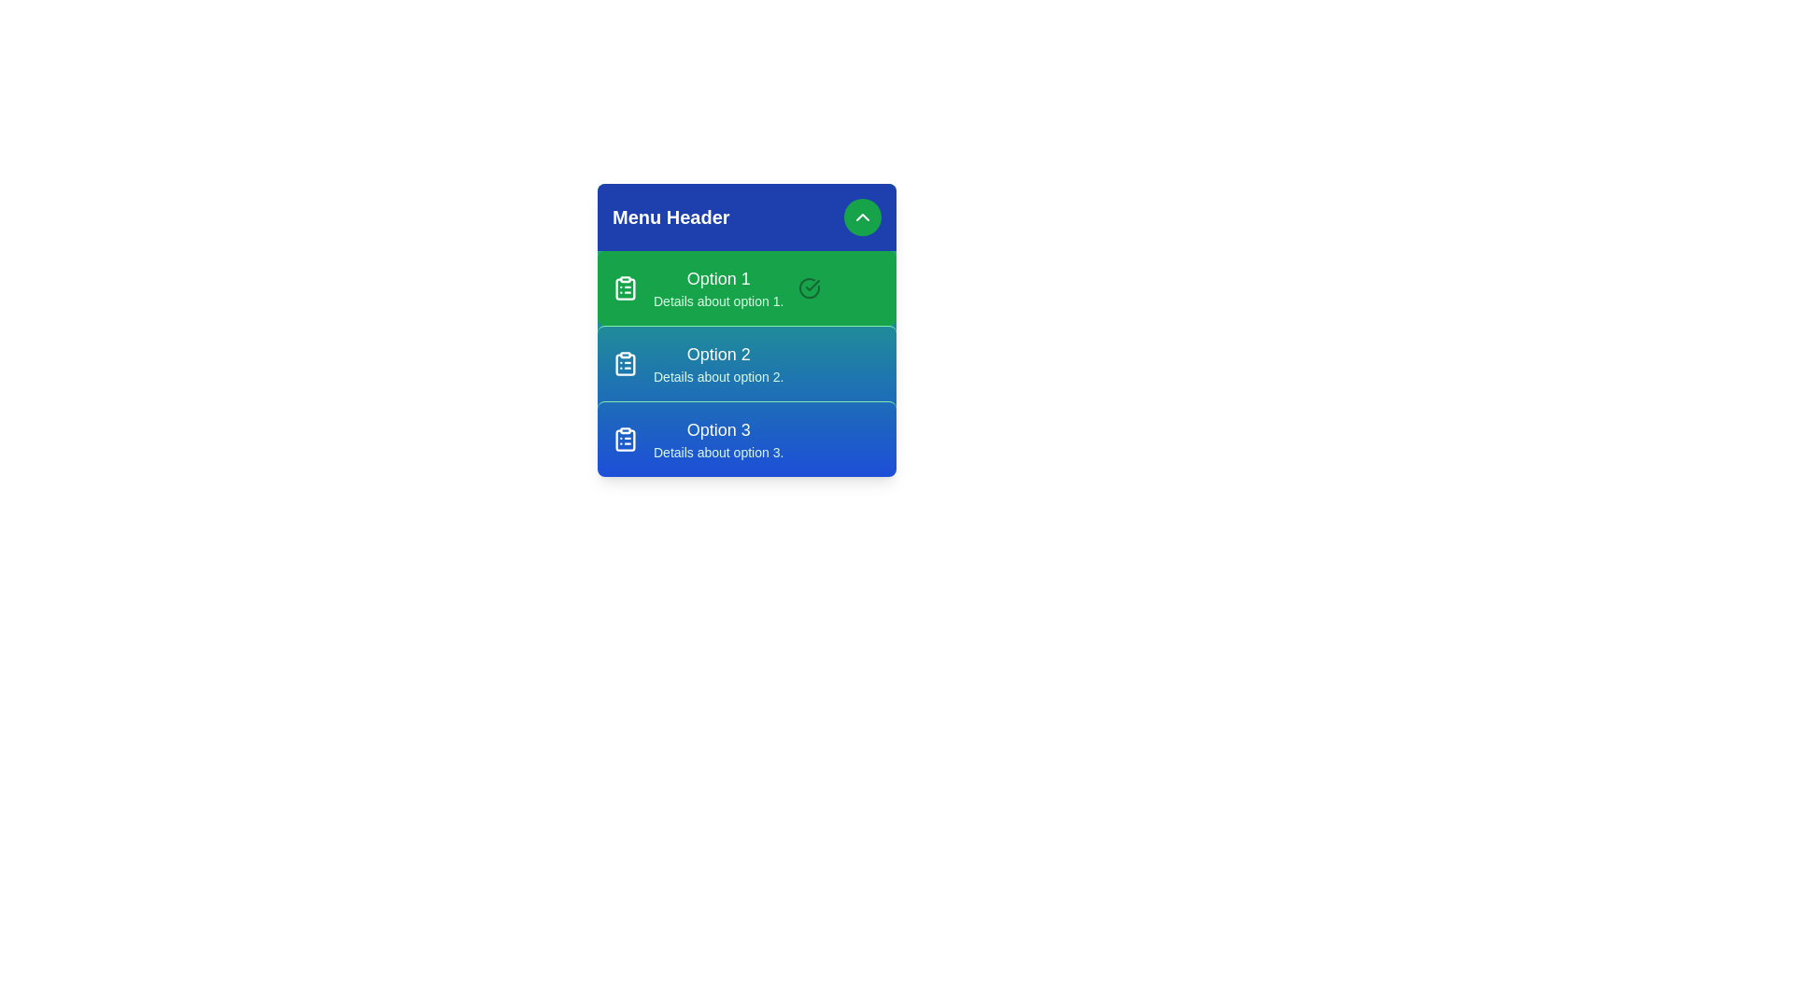  Describe the element at coordinates (747, 439) in the screenshot. I see `the menu option Option 3 to reveal its description` at that location.